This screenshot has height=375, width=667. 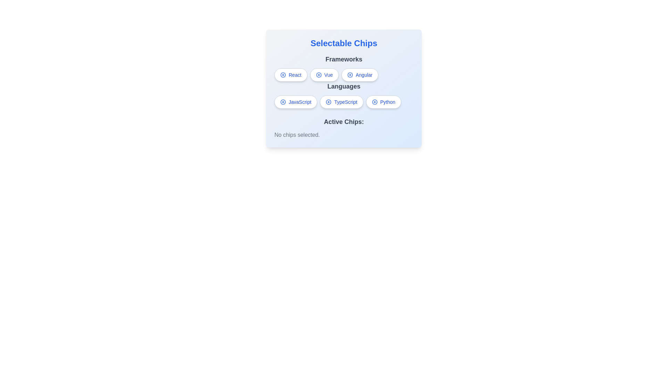 I want to click on the hollow circular icon within the '+' symbol icon group labeled 'Angular' under the 'Frameworks' category, so click(x=350, y=75).